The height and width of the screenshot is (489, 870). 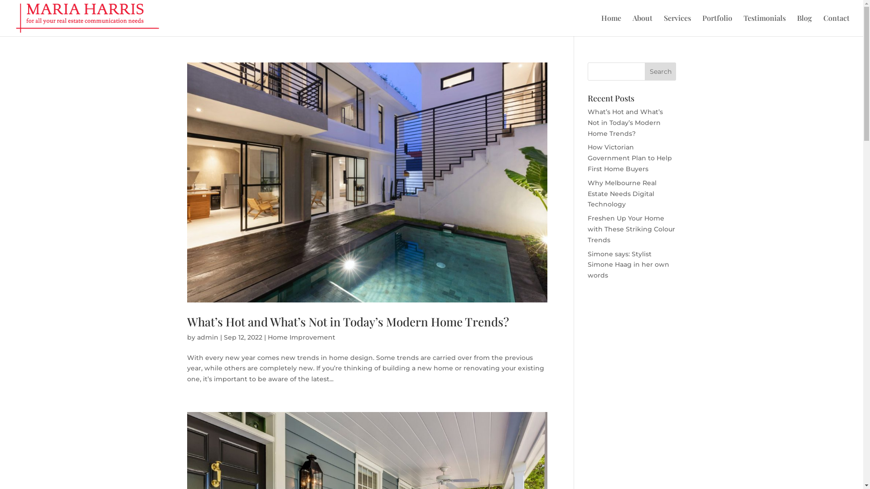 I want to click on 'Freshen Up Your Home with These Striking Colour Trends', so click(x=631, y=228).